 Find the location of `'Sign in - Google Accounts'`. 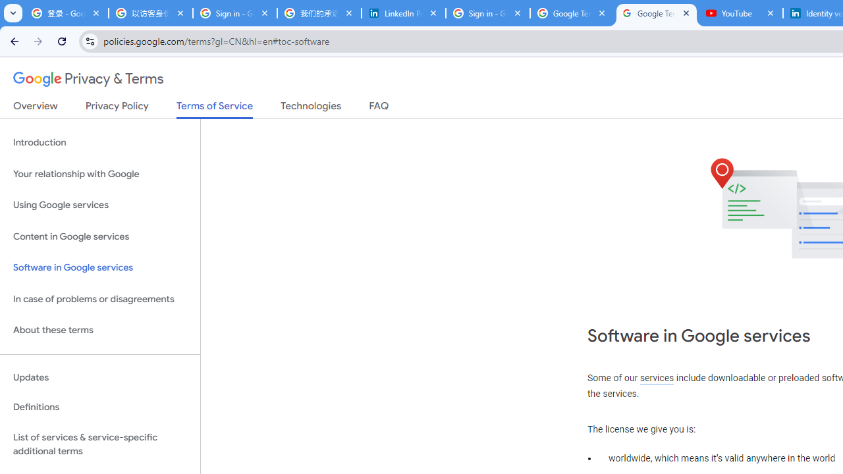

'Sign in - Google Accounts' is located at coordinates (487, 13).